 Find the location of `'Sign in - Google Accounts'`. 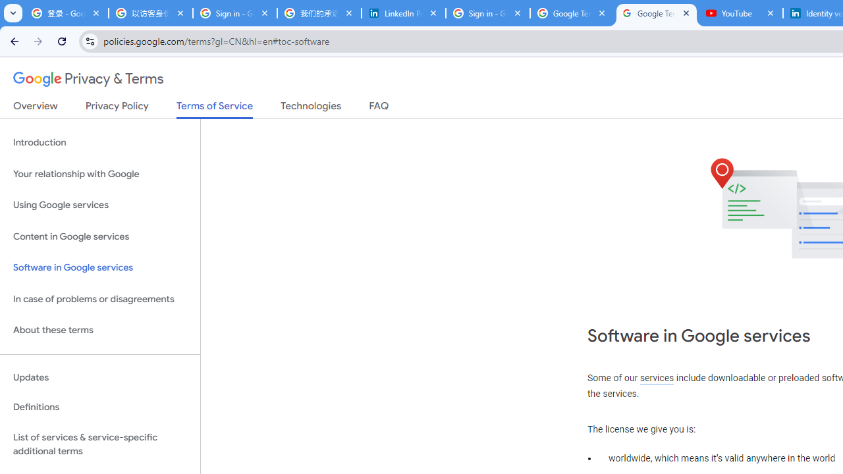

'Sign in - Google Accounts' is located at coordinates (487, 13).